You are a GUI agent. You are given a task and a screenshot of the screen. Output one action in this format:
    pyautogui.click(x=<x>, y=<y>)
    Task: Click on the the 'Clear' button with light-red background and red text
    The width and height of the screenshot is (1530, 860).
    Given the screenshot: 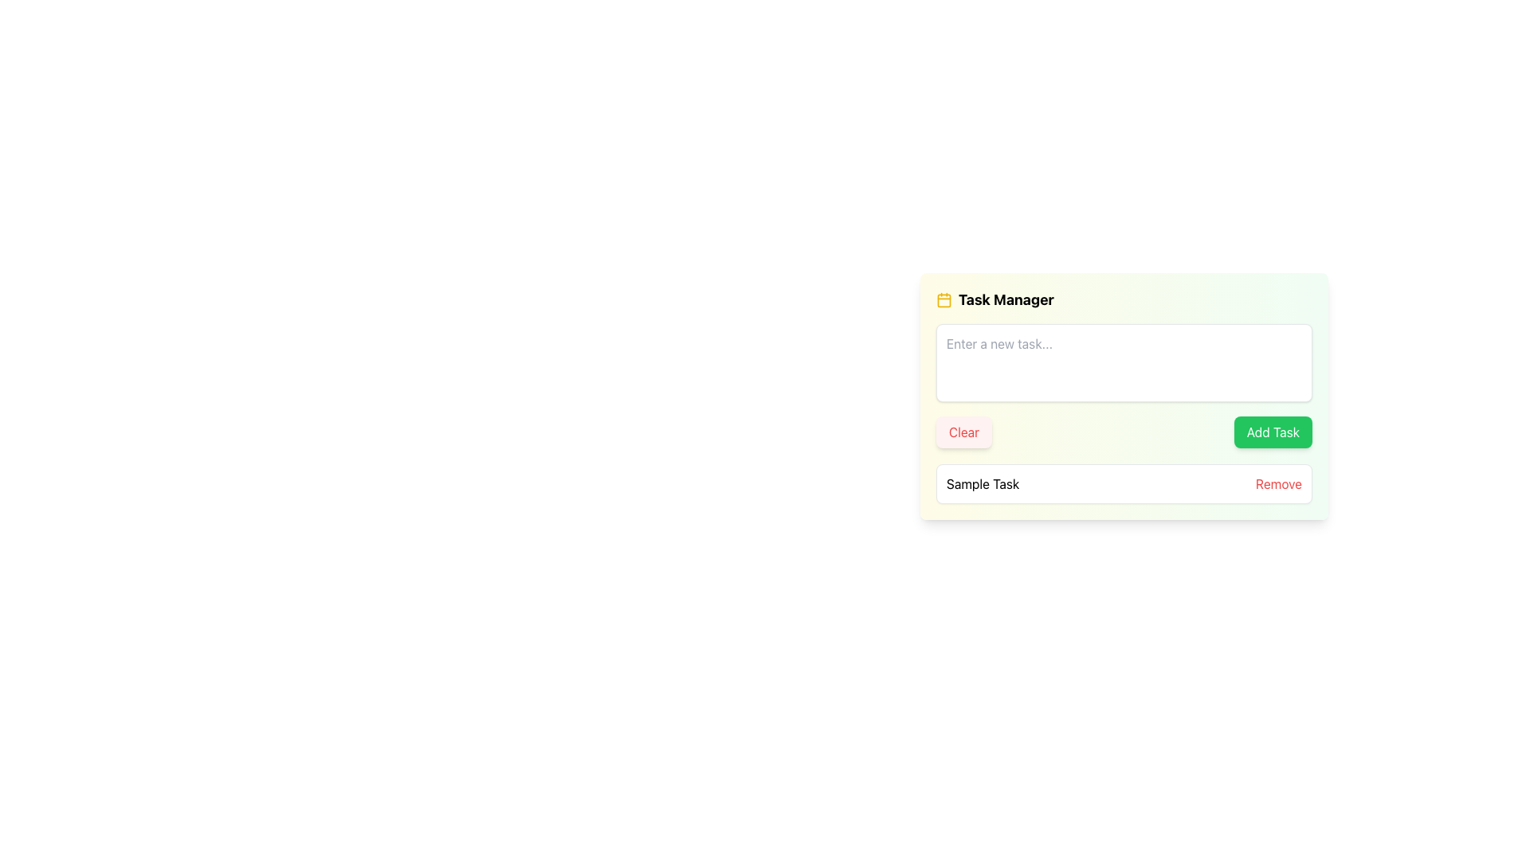 What is the action you would take?
    pyautogui.click(x=963, y=432)
    